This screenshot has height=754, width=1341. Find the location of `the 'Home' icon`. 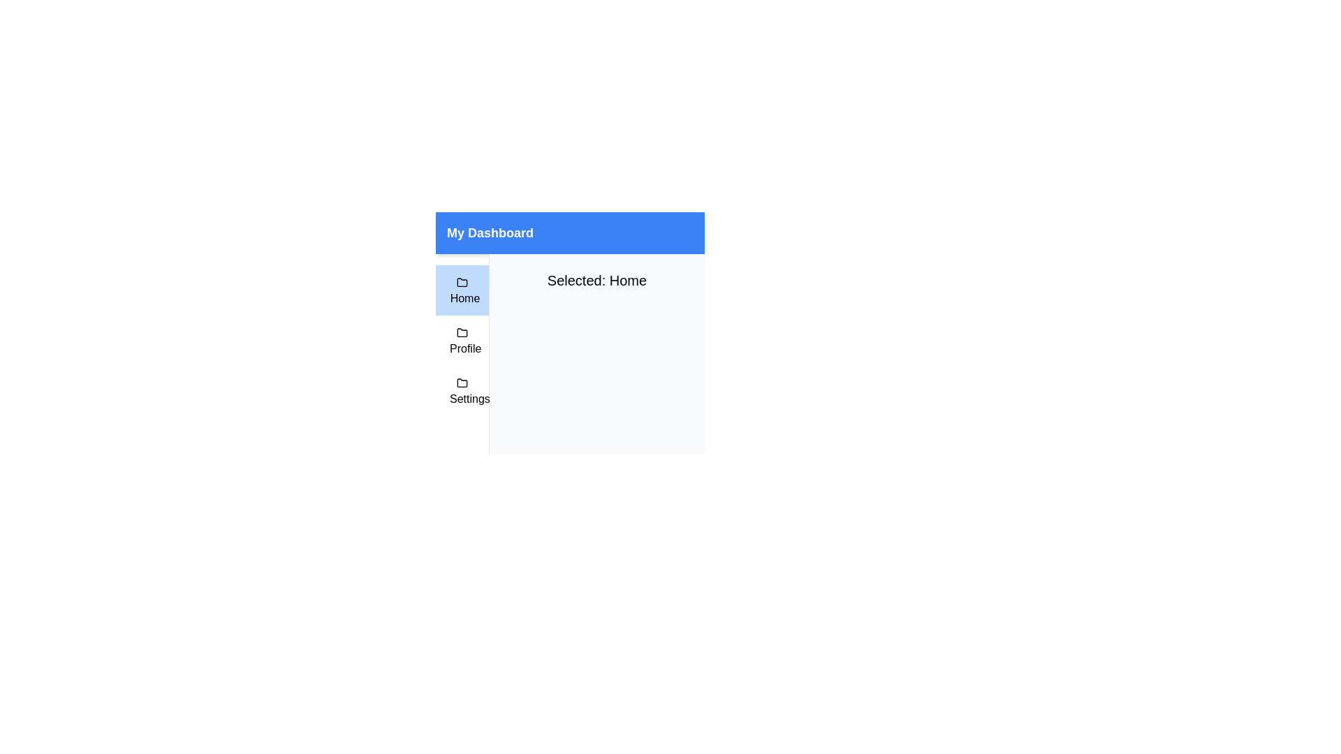

the 'Home' icon is located at coordinates (462, 282).